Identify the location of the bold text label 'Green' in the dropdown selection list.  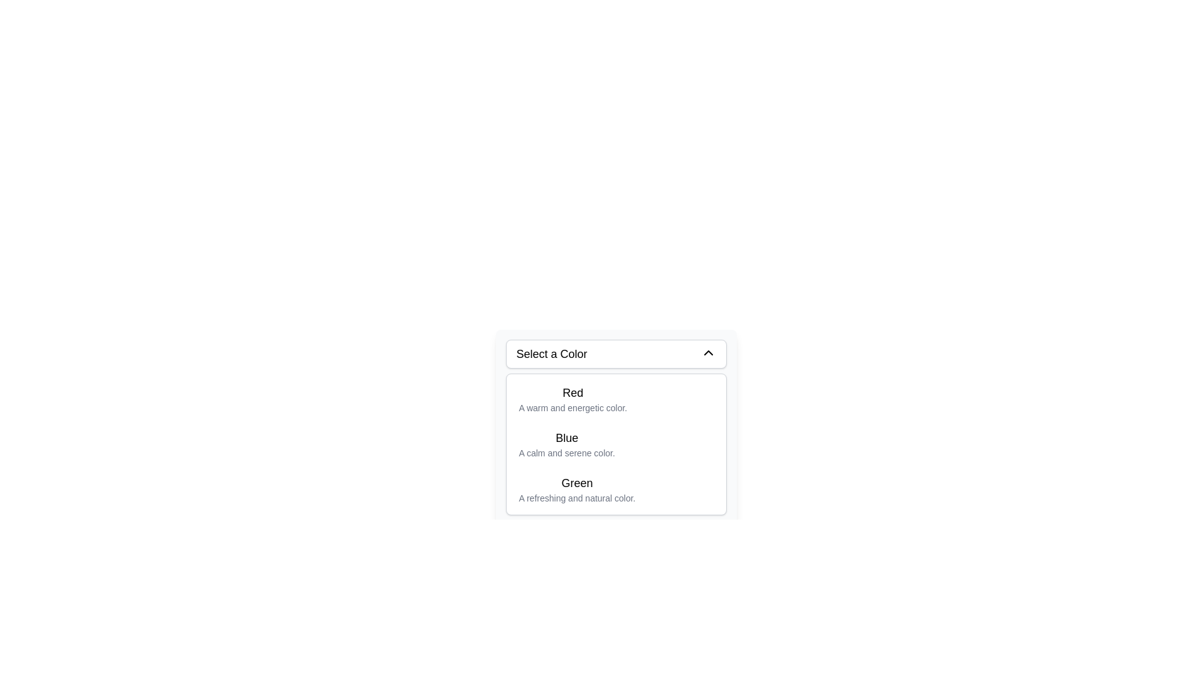
(576, 483).